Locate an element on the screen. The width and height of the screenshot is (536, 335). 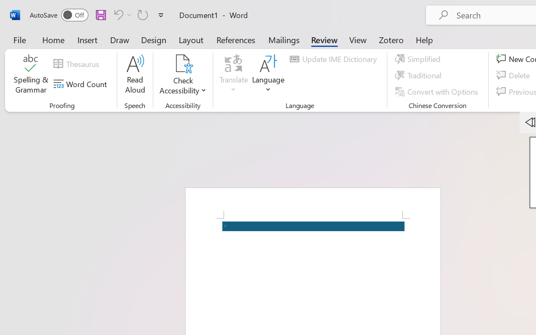
'Translate' is located at coordinates (234, 75).